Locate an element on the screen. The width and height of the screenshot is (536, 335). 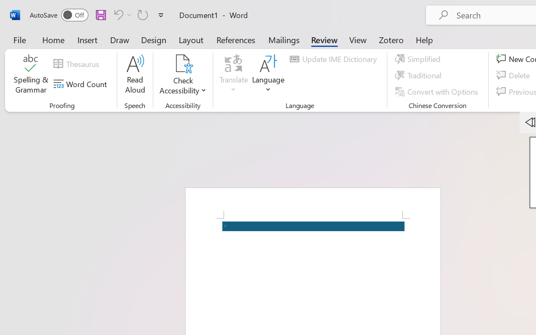
'Translate' is located at coordinates (234, 75).